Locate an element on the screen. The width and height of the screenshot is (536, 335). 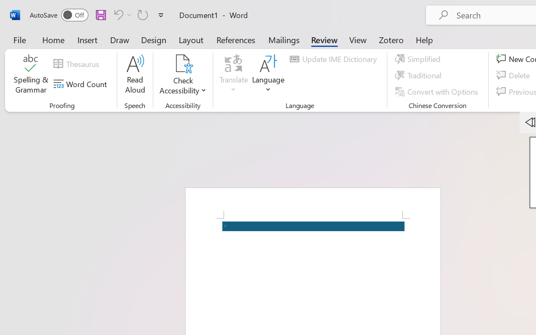
'Translate' is located at coordinates (234, 75).